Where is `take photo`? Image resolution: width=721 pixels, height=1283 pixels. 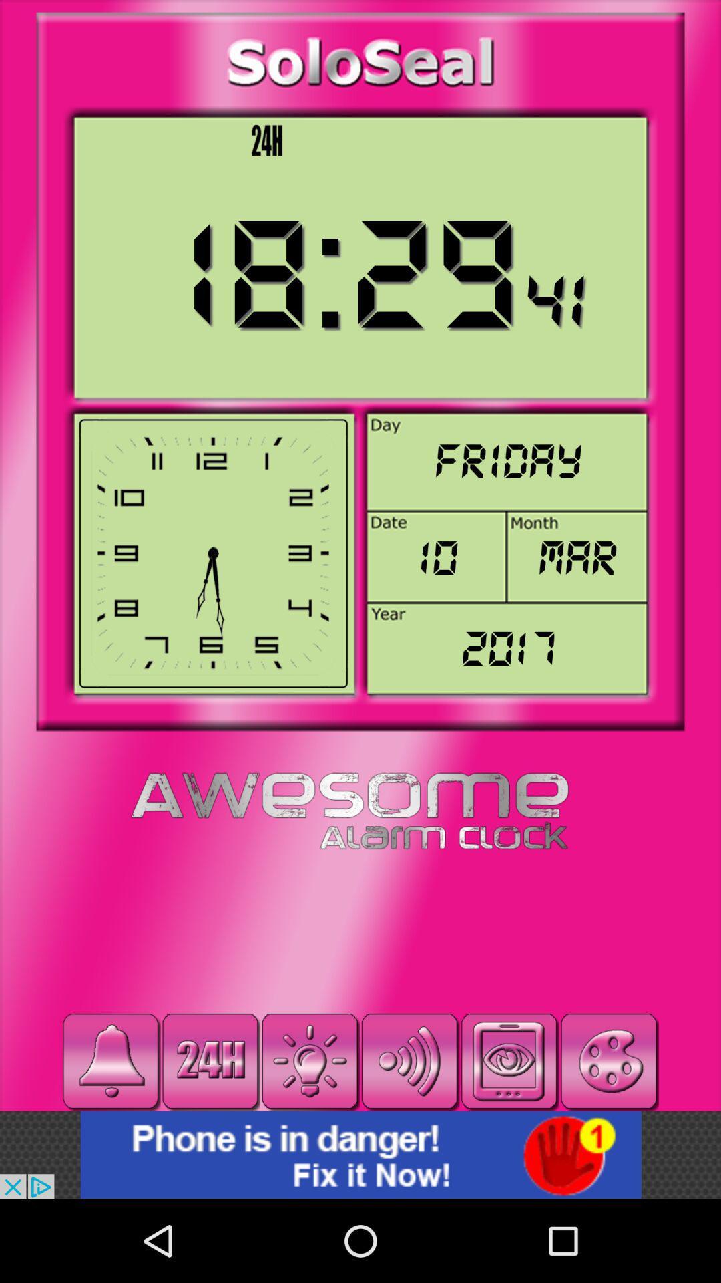
take photo is located at coordinates (509, 1060).